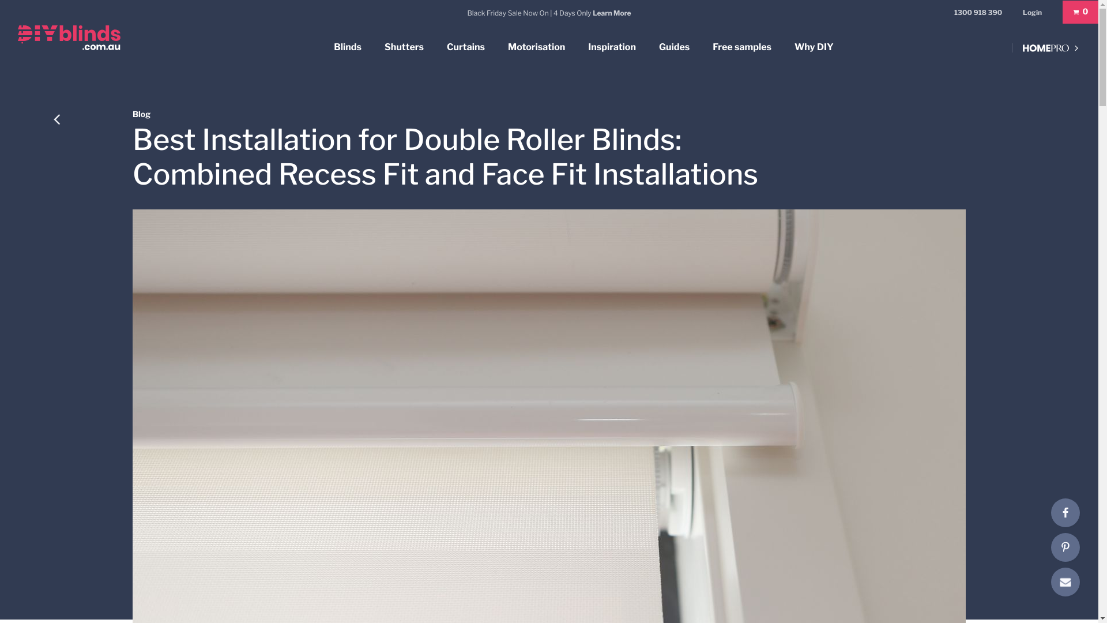 Image resolution: width=1107 pixels, height=623 pixels. I want to click on 'E-mail', so click(1065, 582).